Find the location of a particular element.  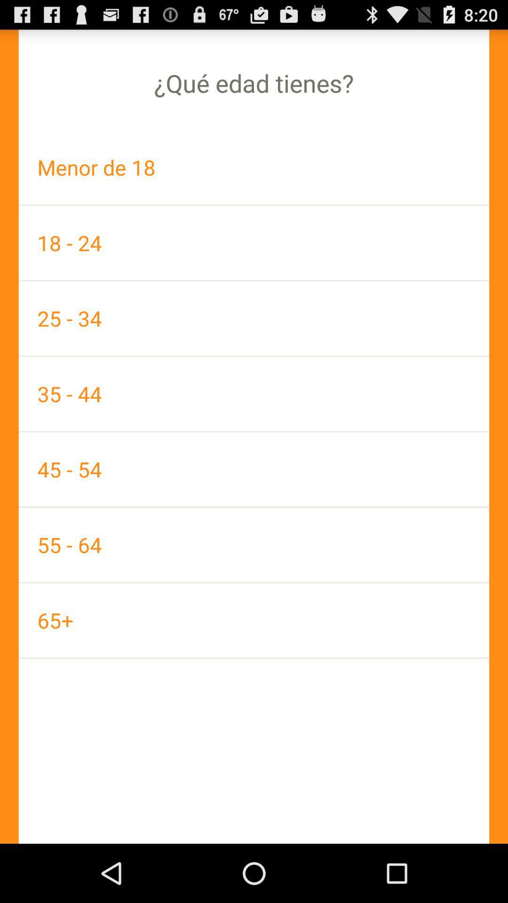

app below menor de 18 app is located at coordinates (254, 243).